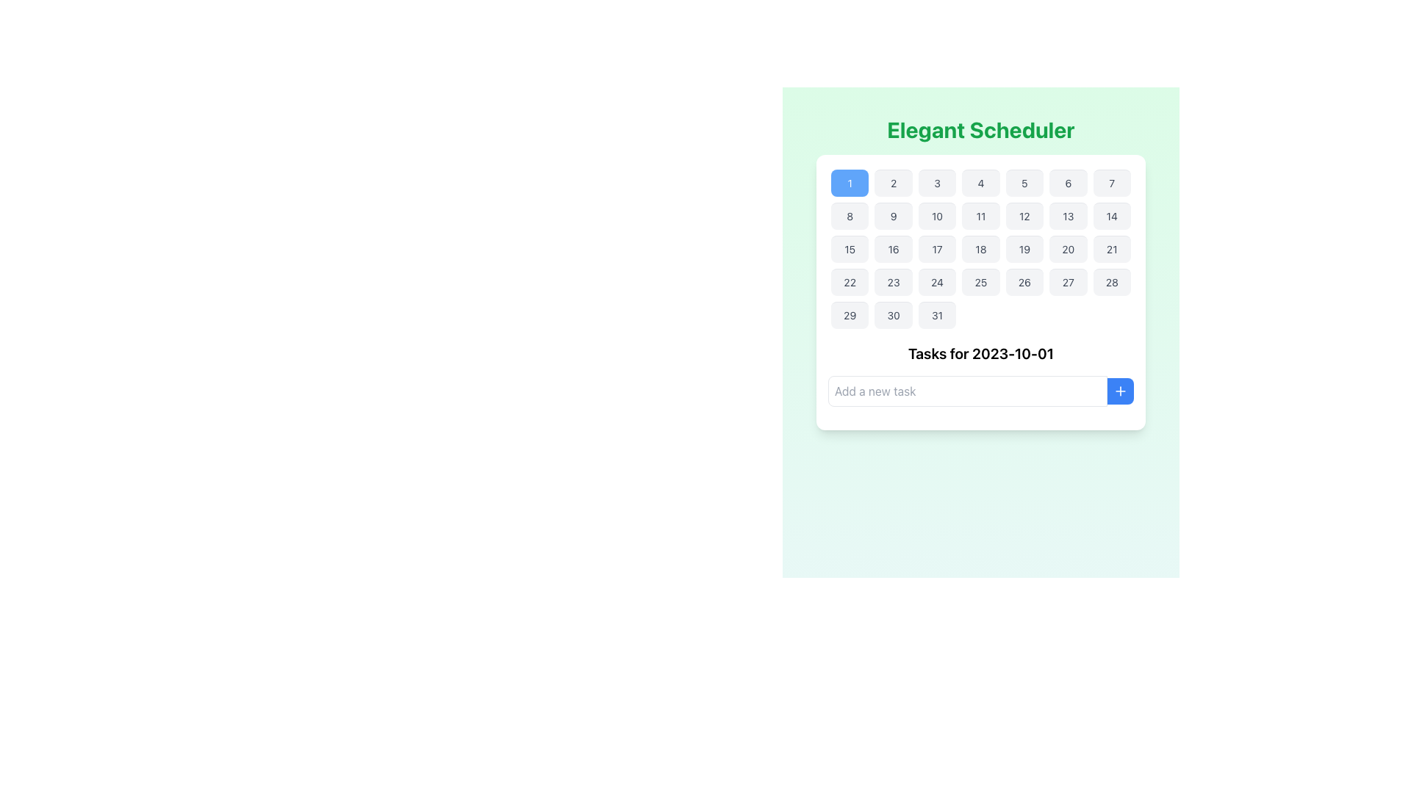 The width and height of the screenshot is (1411, 793). Describe the element at coordinates (1024, 216) in the screenshot. I see `the rounded rectangular button labeled '12' in the calendar grid below the 'Elegant Scheduler' heading to observe the hover effect` at that location.